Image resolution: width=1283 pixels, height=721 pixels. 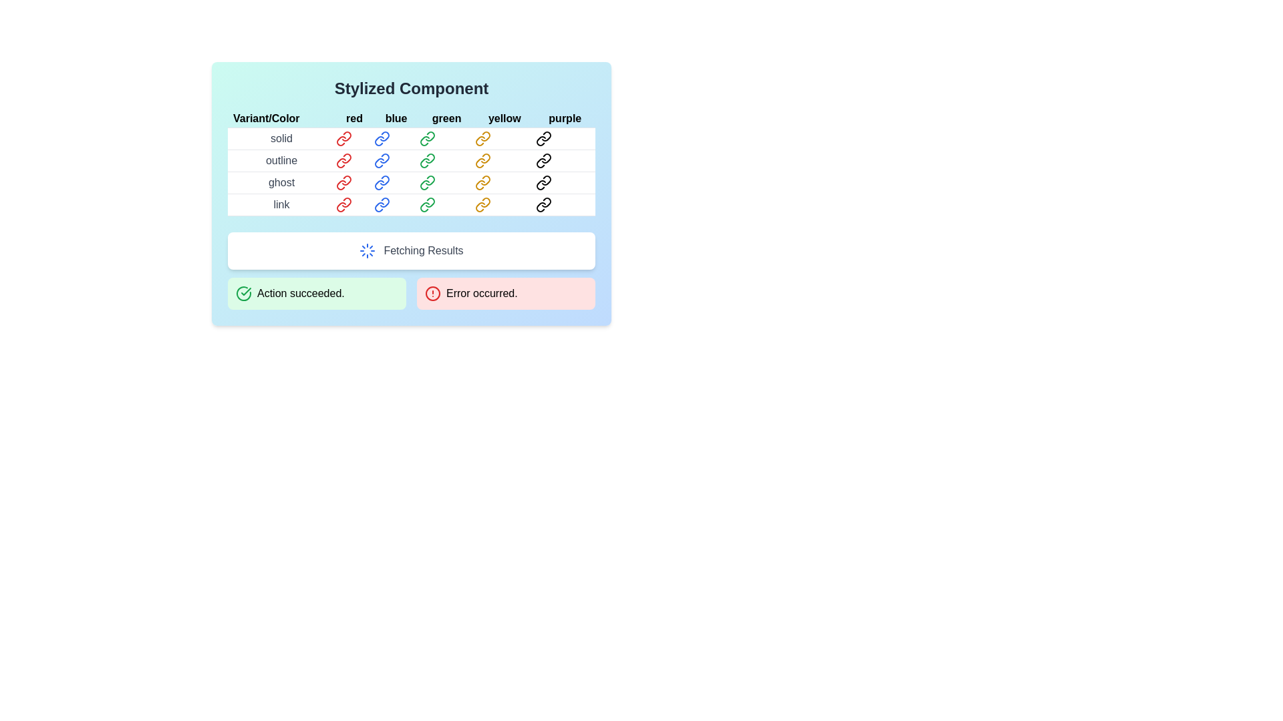 I want to click on the link-shaped icon located in the first row under the 'red' column of the table, so click(x=354, y=139).